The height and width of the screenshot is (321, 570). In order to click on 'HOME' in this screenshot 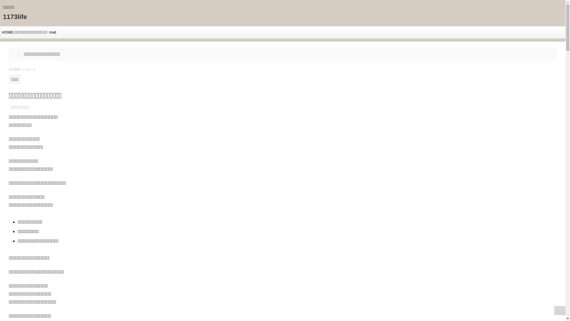, I will do `click(15, 69)`.